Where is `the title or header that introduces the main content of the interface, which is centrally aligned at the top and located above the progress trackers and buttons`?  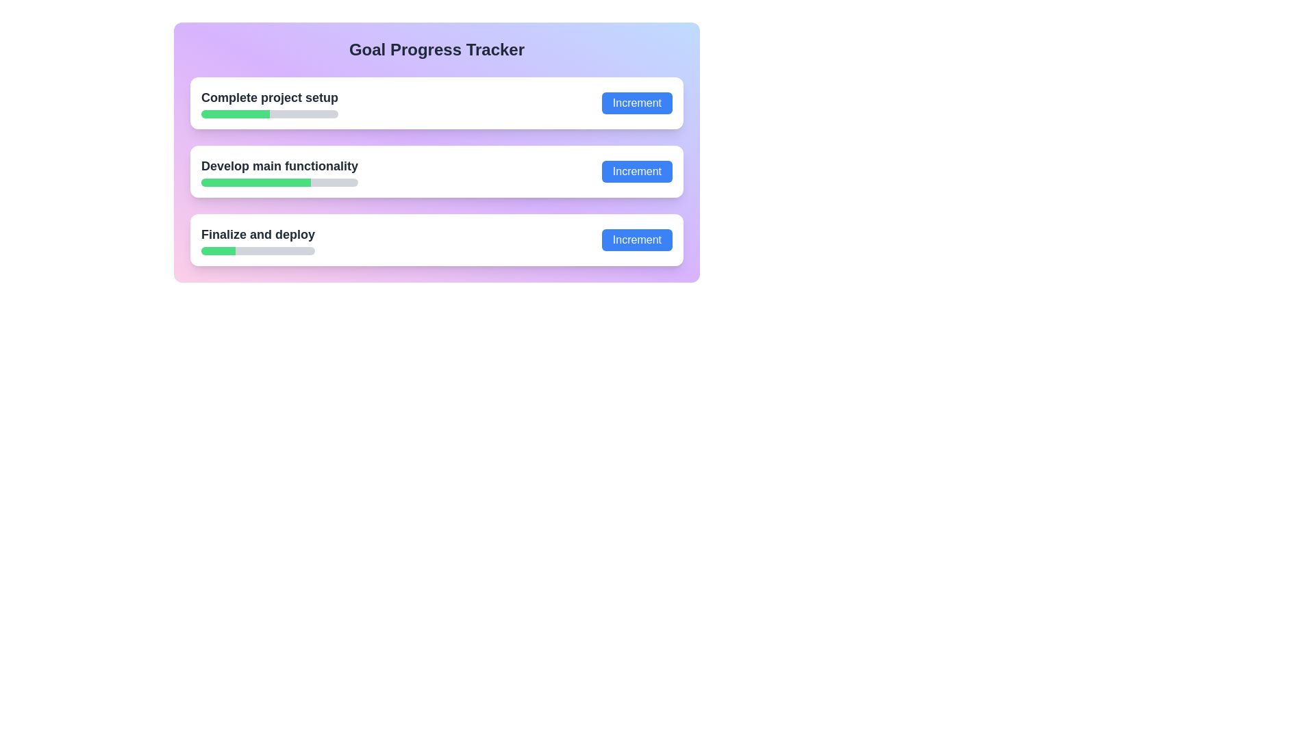 the title or header that introduces the main content of the interface, which is centrally aligned at the top and located above the progress trackers and buttons is located at coordinates (436, 49).